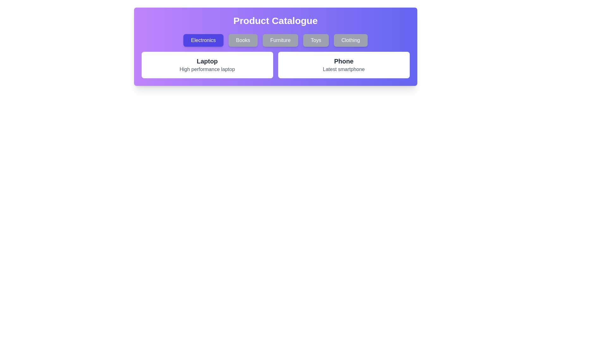  I want to click on the category button labeled Electronics to filter products, so click(203, 40).